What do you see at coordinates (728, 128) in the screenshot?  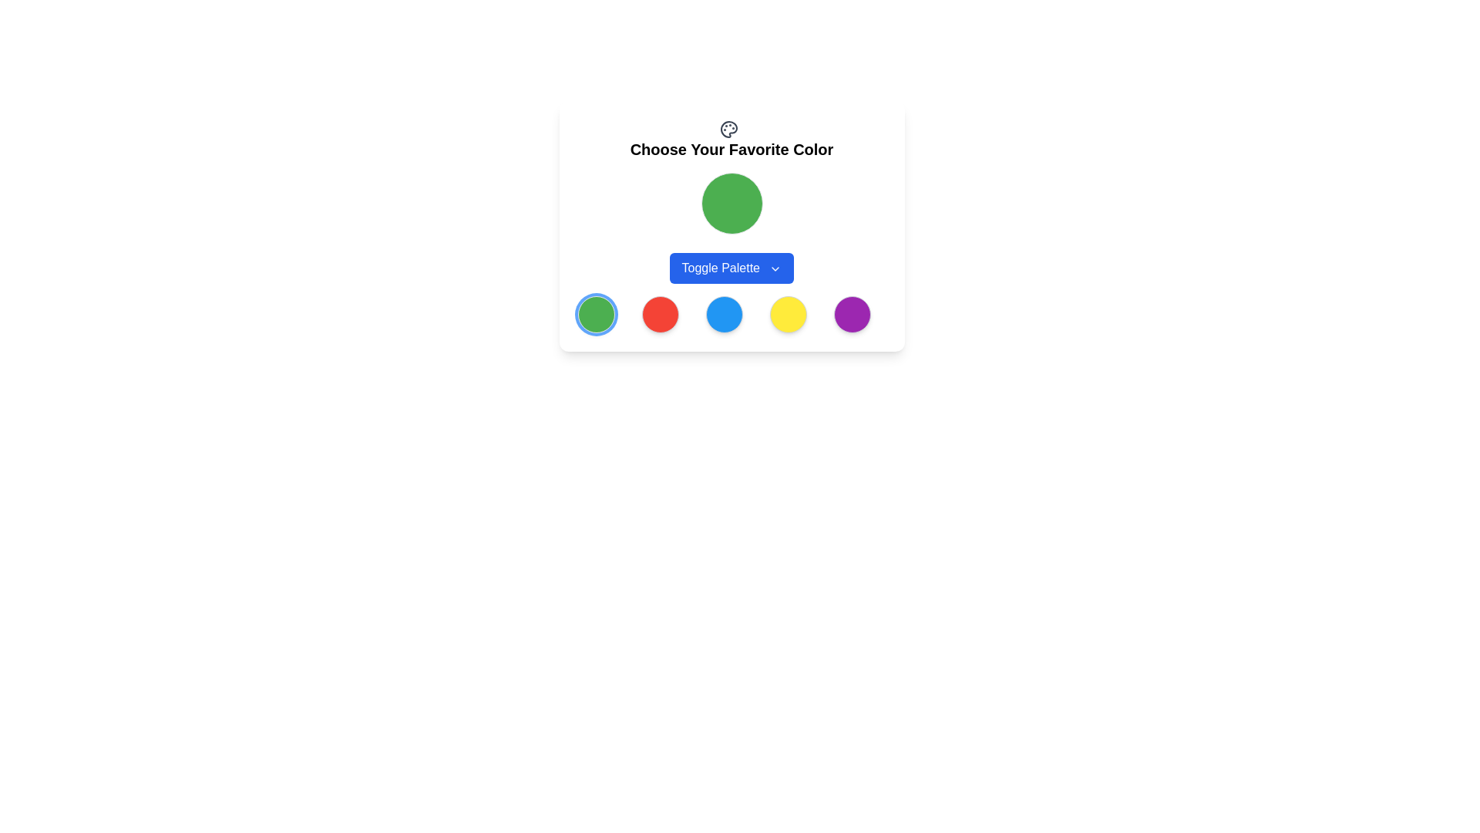 I see `the painter's palette icon that signifies color-related features, located above the 'Choose Your Favorite Color' text` at bounding box center [728, 128].